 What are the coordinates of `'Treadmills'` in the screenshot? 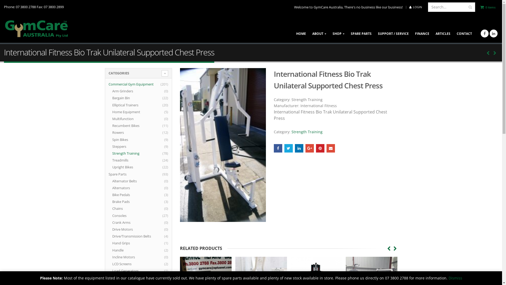 It's located at (112, 160).